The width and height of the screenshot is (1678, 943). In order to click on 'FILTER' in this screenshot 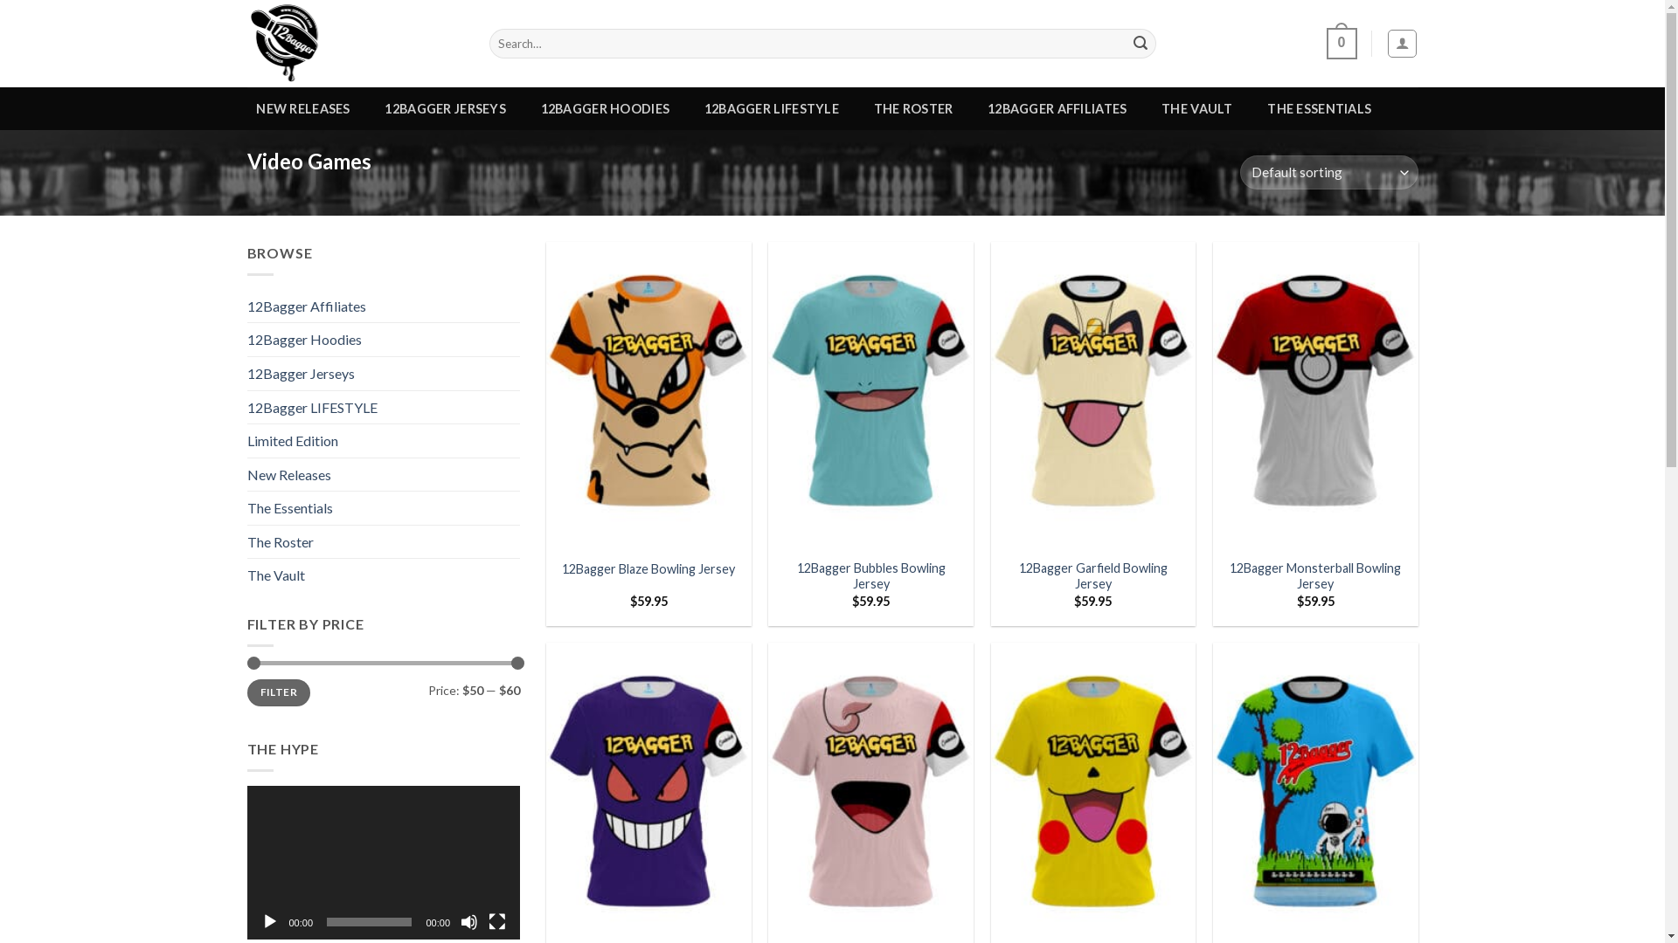, I will do `click(277, 692)`.